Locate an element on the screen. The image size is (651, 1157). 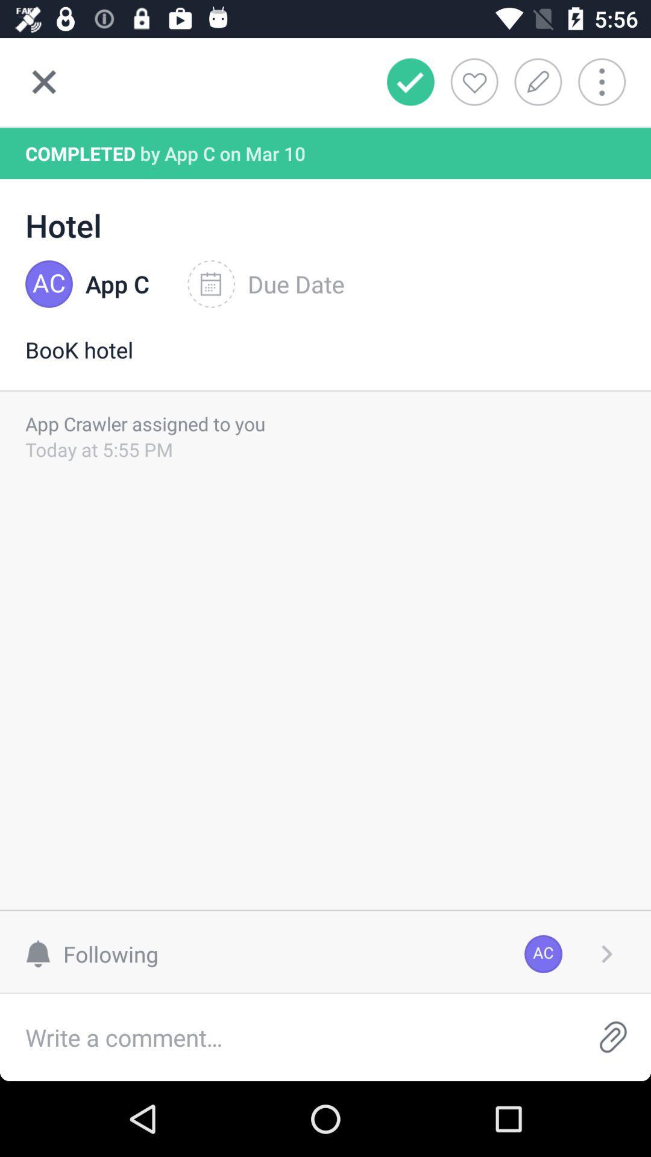
the comment space below following is located at coordinates (288, 1036).